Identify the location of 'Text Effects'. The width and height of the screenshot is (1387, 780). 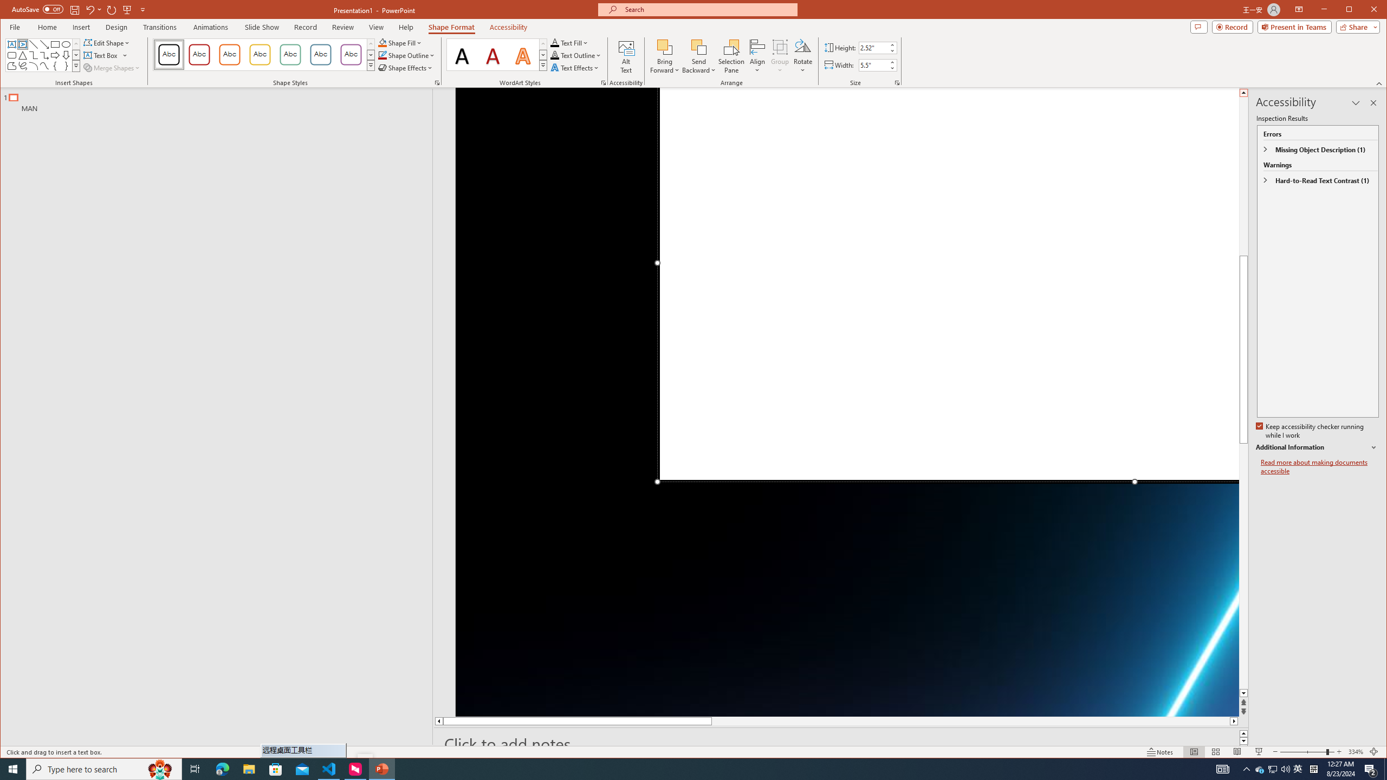
(575, 68).